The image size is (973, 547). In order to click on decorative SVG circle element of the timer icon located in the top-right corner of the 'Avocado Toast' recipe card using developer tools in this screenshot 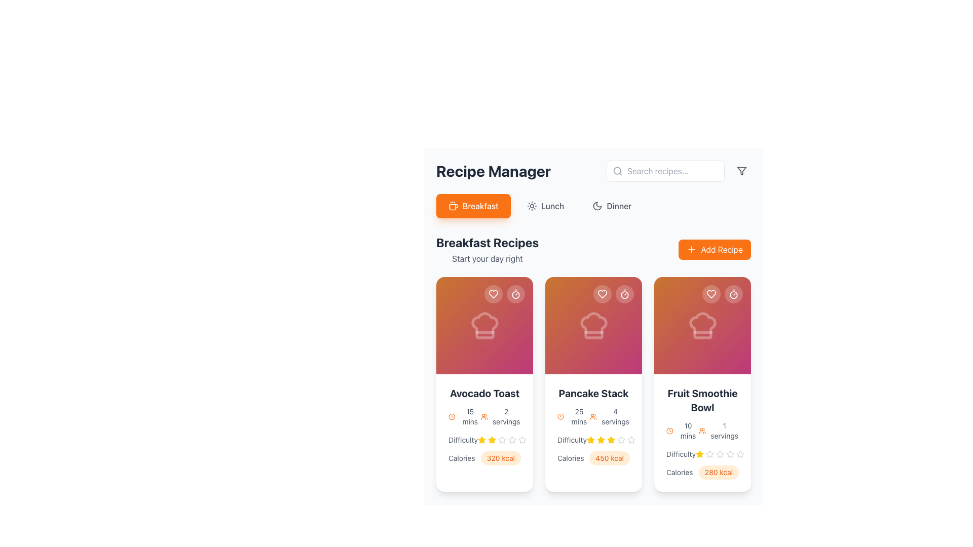, I will do `click(515, 295)`.